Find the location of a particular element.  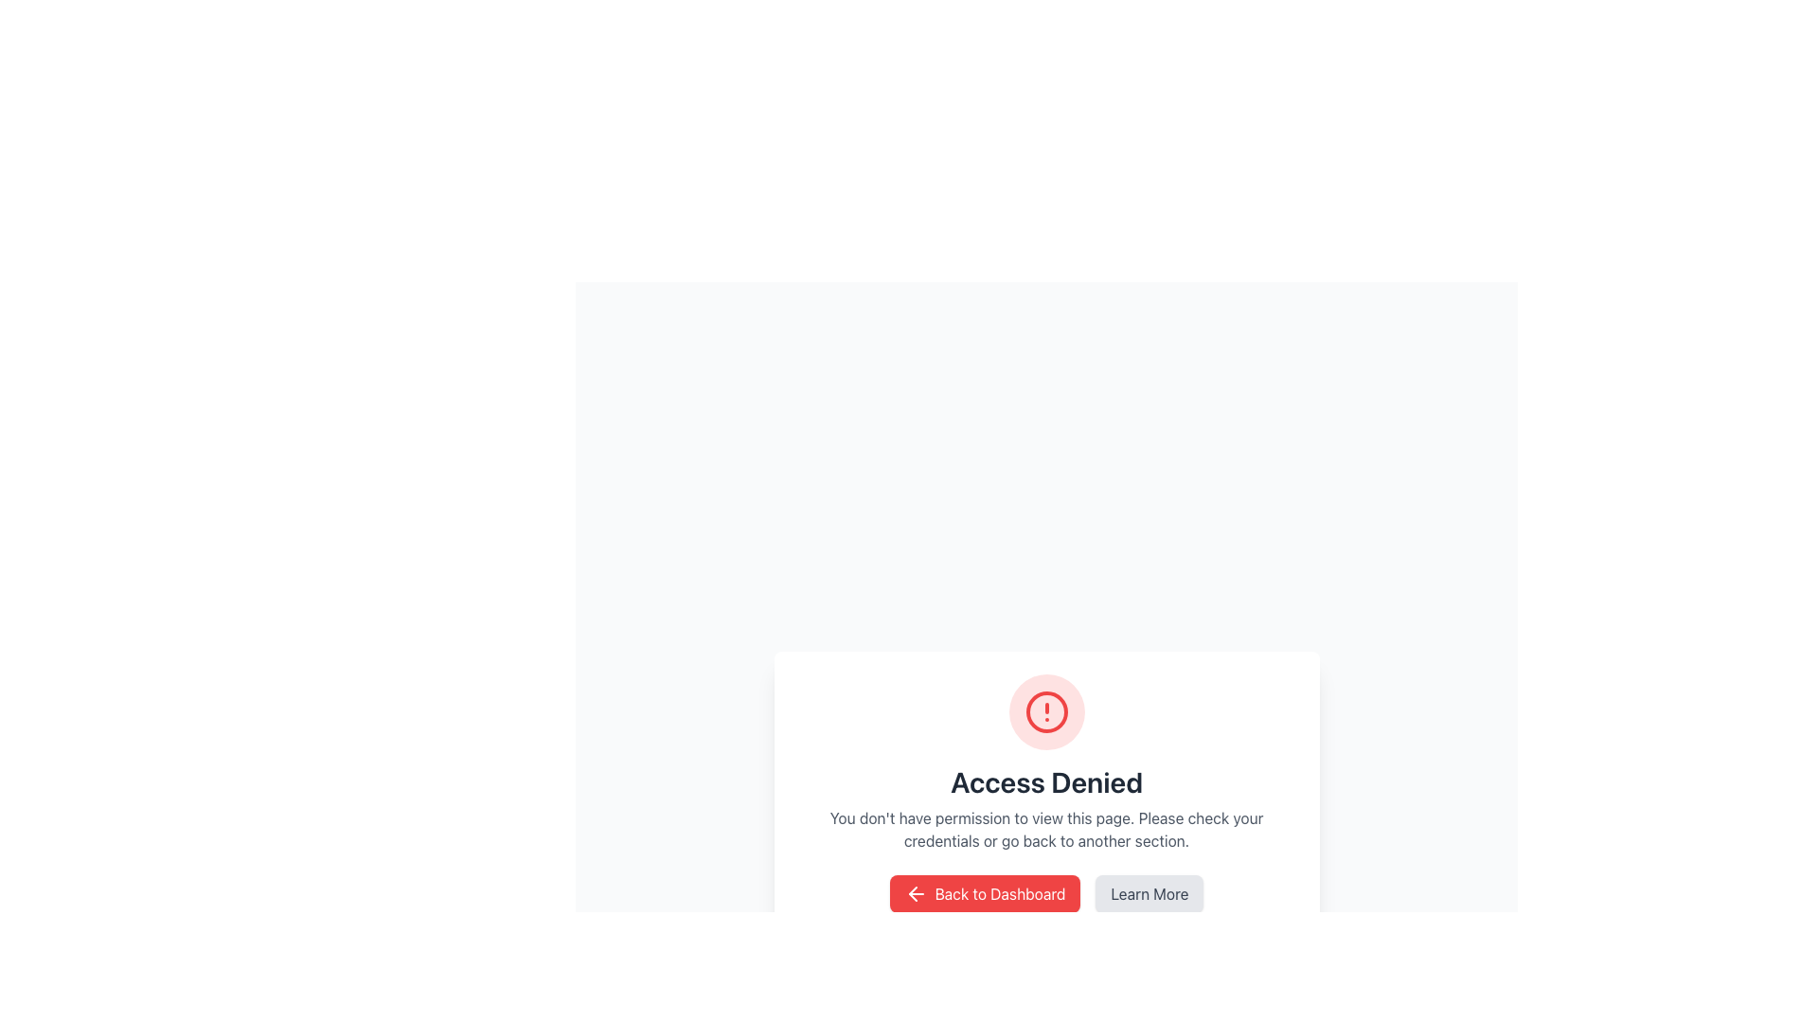

the warning icon that indicates an error, which is located above the 'Access Denied' text in the dialog box is located at coordinates (1045, 712).